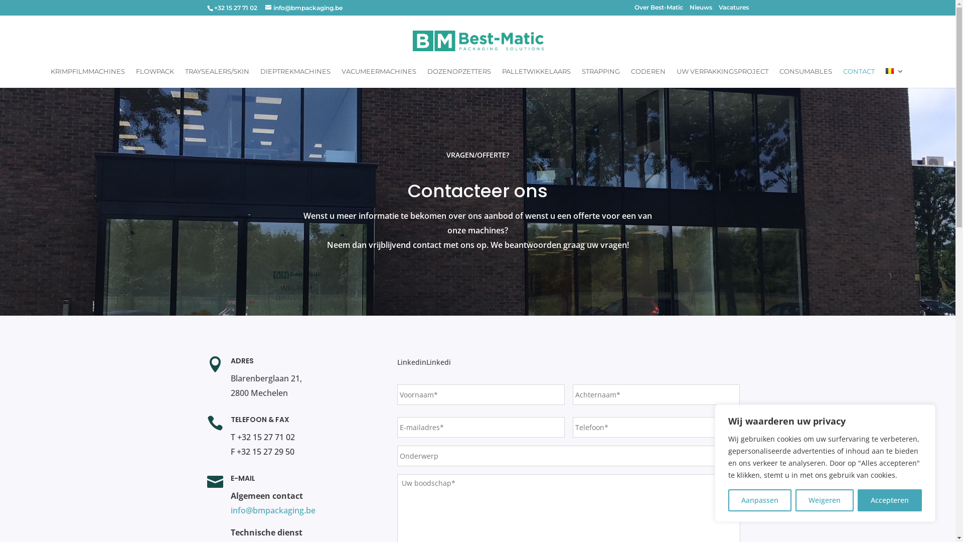 Image resolution: width=963 pixels, height=542 pixels. I want to click on 'UW VERPAKKINGSPROJECT', so click(722, 77).